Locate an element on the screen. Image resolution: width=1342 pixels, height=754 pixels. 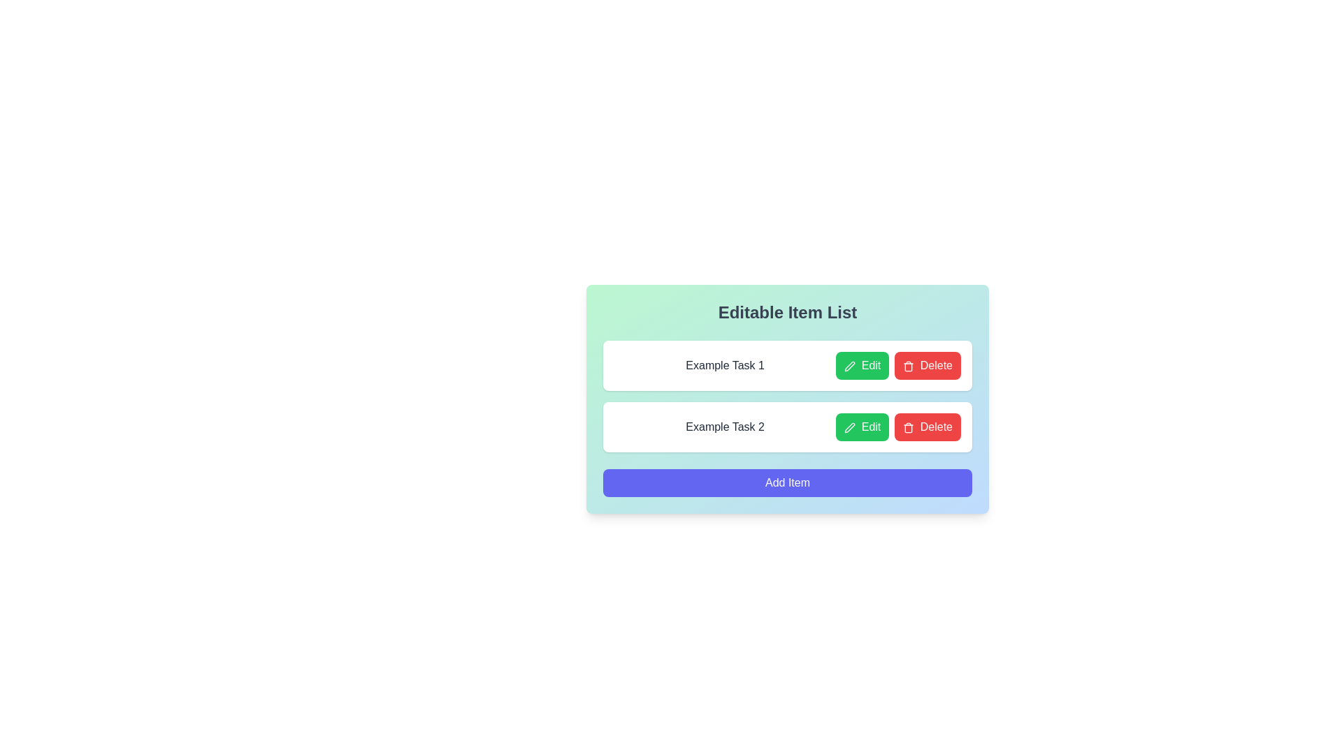
the delete icon located on the red 'Delete' button in the second row is located at coordinates (909, 427).